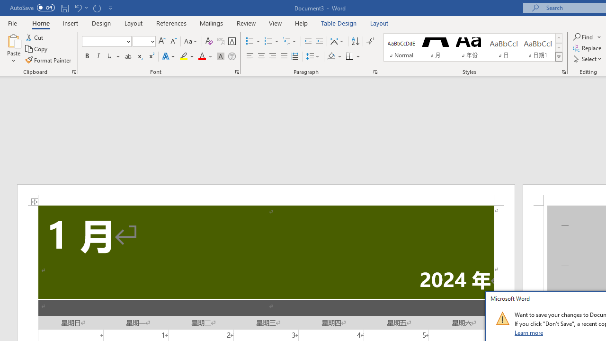 This screenshot has width=606, height=341. Describe the element at coordinates (335, 56) in the screenshot. I see `'Shading'` at that location.